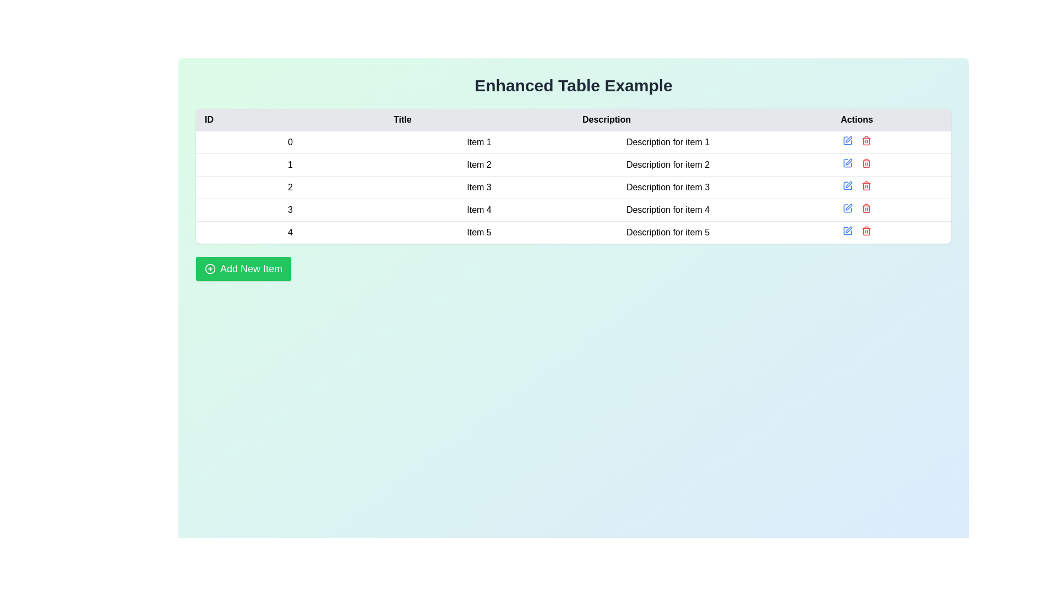 The image size is (1057, 594). What do you see at coordinates (667, 165) in the screenshot?
I see `the static text label displaying 'Description for item 2' located in the second row of the table under the 'Description' column, positioned to the right of the 'Item 2' element` at bounding box center [667, 165].